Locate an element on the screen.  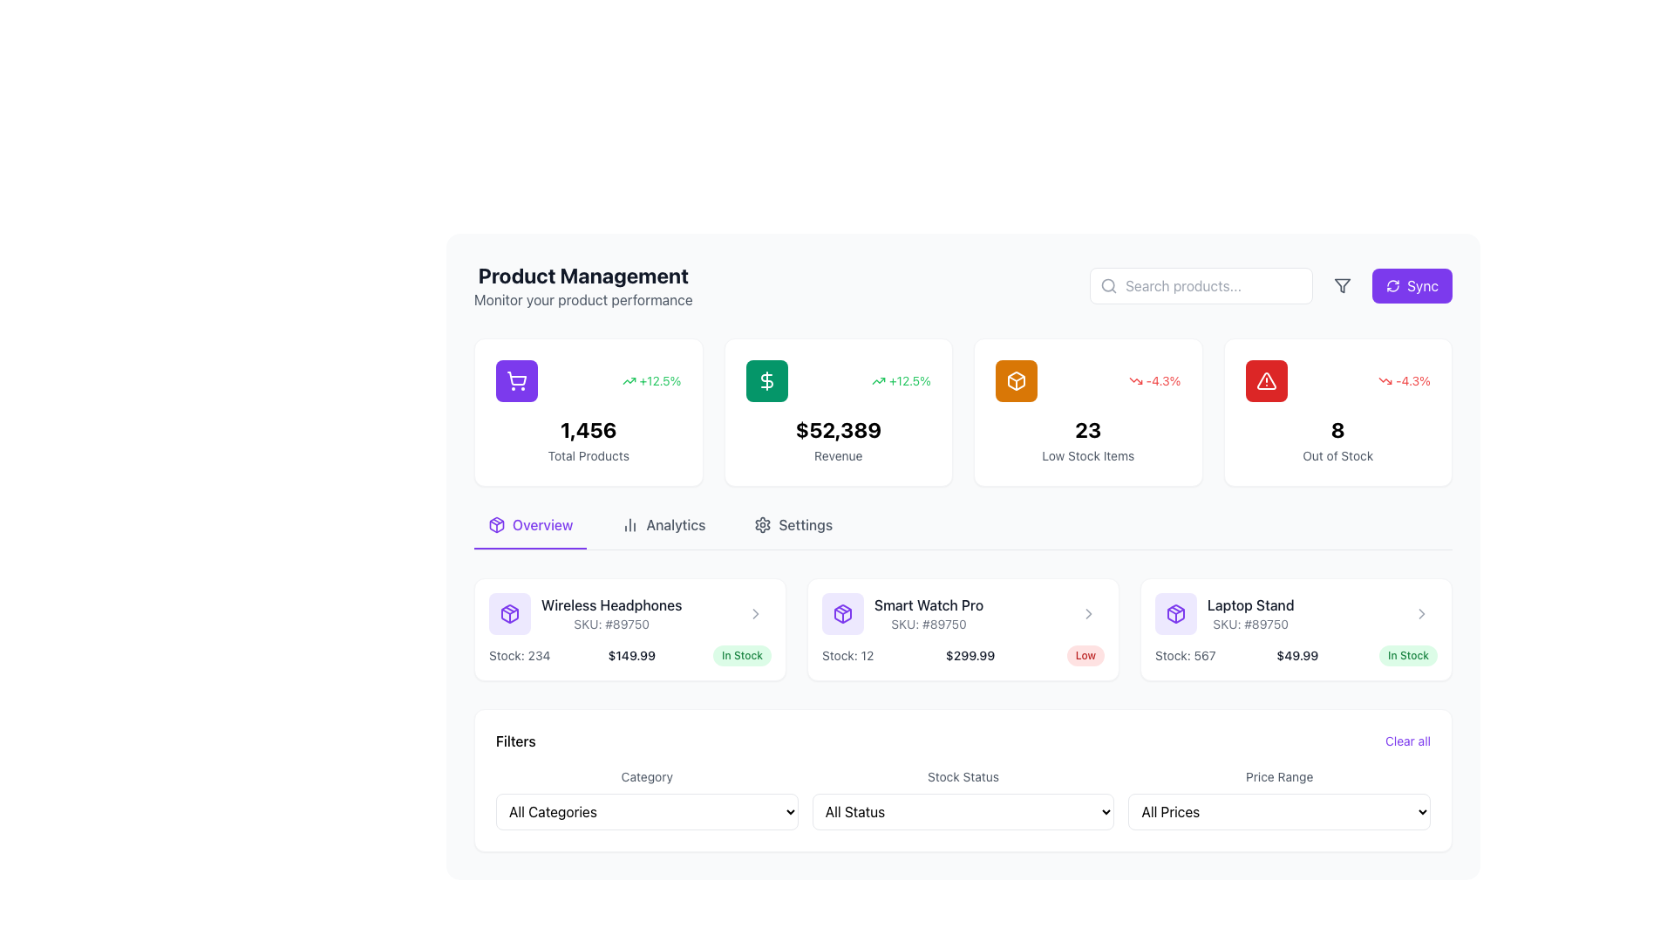
the 'Category' label in the Filters section, which is displayed in a small, gray font and positioned above the 'All Categories' dropdown is located at coordinates (646, 775).